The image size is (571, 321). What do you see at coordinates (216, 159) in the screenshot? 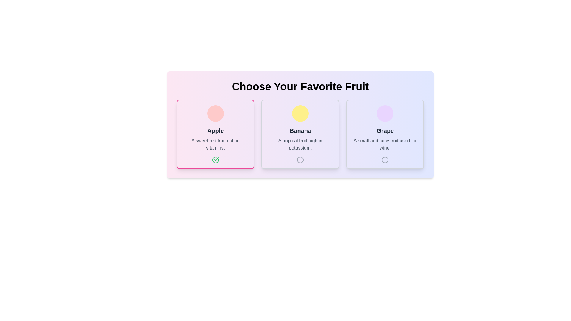
I see `the green checkmark icon that indicates a successful action, located within the selection box for the 'Apple' choice card` at bounding box center [216, 159].